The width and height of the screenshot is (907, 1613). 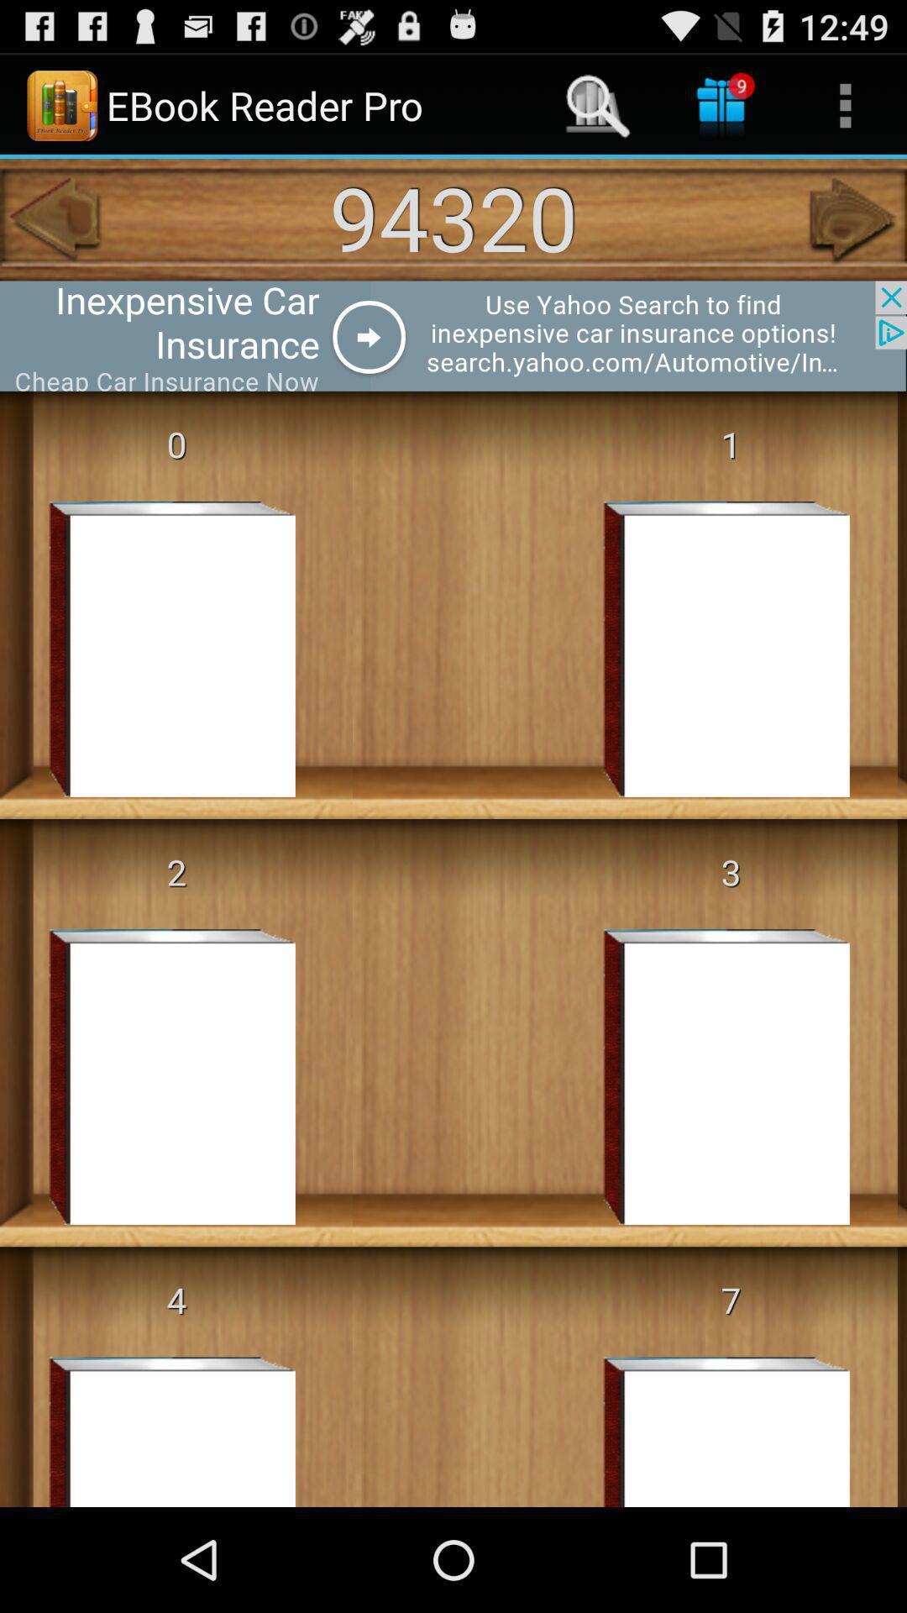 I want to click on the icon to the right of the 94320 icon, so click(x=854, y=218).